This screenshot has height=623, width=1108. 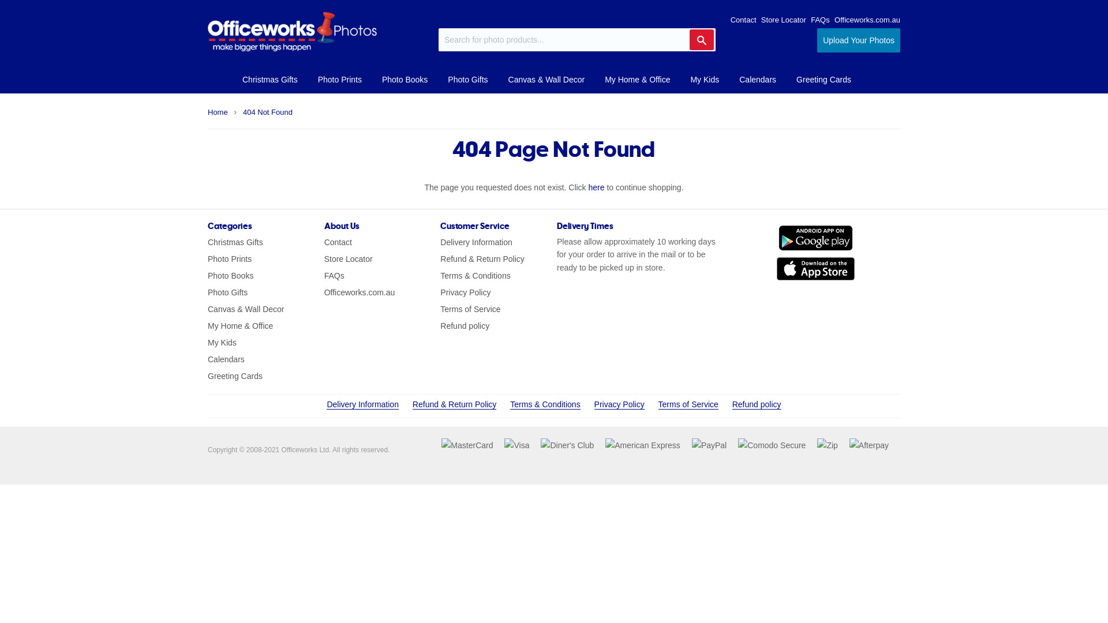 What do you see at coordinates (218, 112) in the screenshot?
I see `'Home'` at bounding box center [218, 112].